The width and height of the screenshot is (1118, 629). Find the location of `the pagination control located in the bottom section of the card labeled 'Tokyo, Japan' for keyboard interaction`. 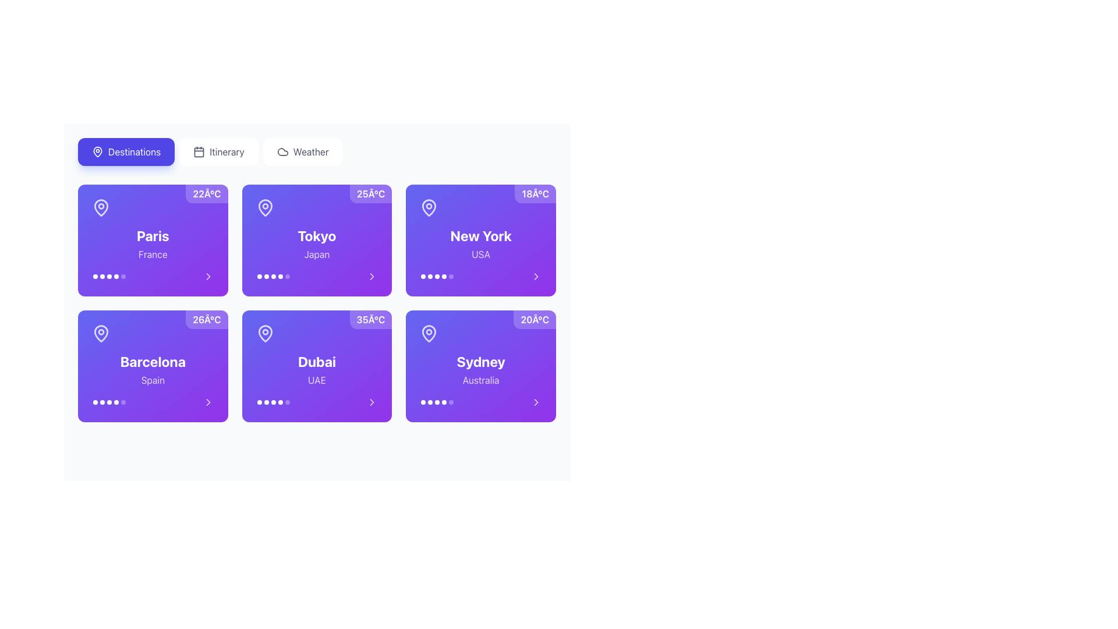

the pagination control located in the bottom section of the card labeled 'Tokyo, Japan' for keyboard interaction is located at coordinates (317, 276).